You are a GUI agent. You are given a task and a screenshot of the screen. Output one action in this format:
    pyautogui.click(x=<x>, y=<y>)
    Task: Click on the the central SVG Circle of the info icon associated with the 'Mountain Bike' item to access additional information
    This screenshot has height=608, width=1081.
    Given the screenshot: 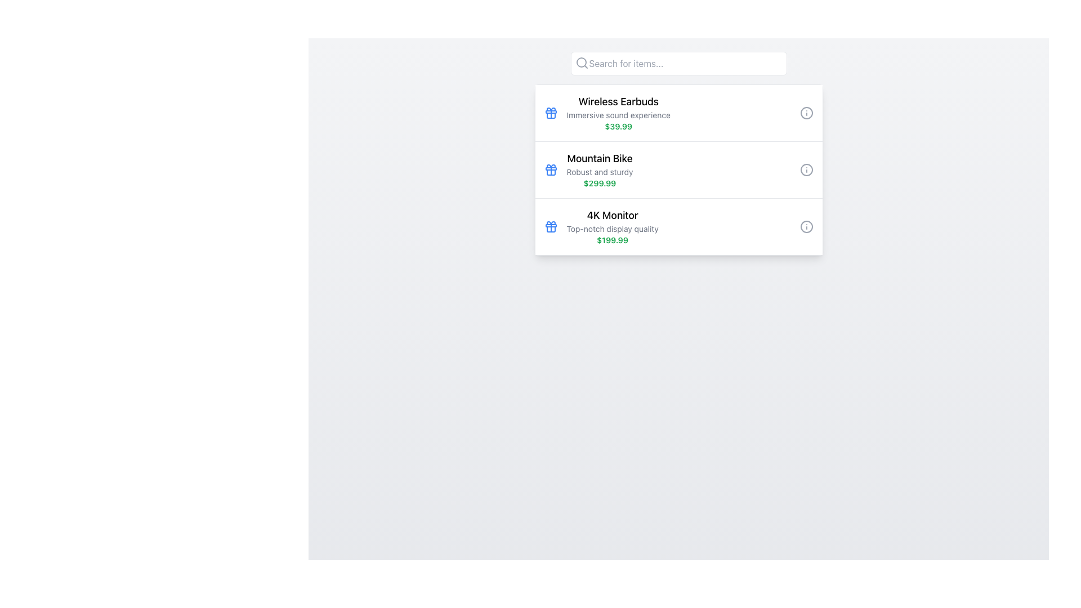 What is the action you would take?
    pyautogui.click(x=806, y=169)
    